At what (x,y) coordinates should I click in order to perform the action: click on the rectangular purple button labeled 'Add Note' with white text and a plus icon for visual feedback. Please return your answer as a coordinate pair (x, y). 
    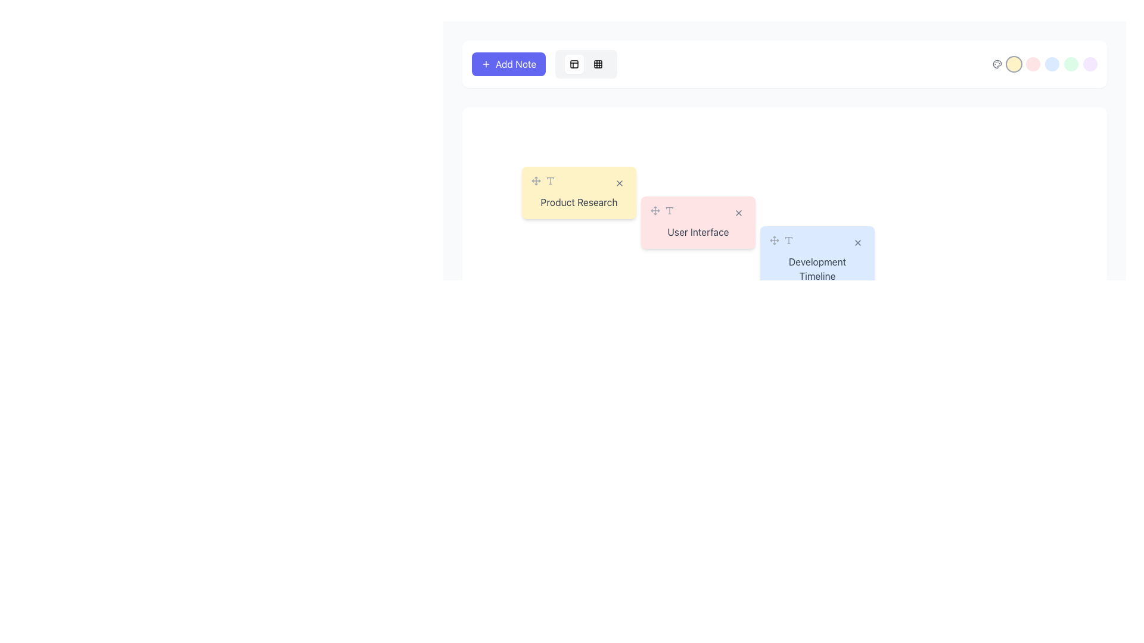
    Looking at the image, I should click on (544, 64).